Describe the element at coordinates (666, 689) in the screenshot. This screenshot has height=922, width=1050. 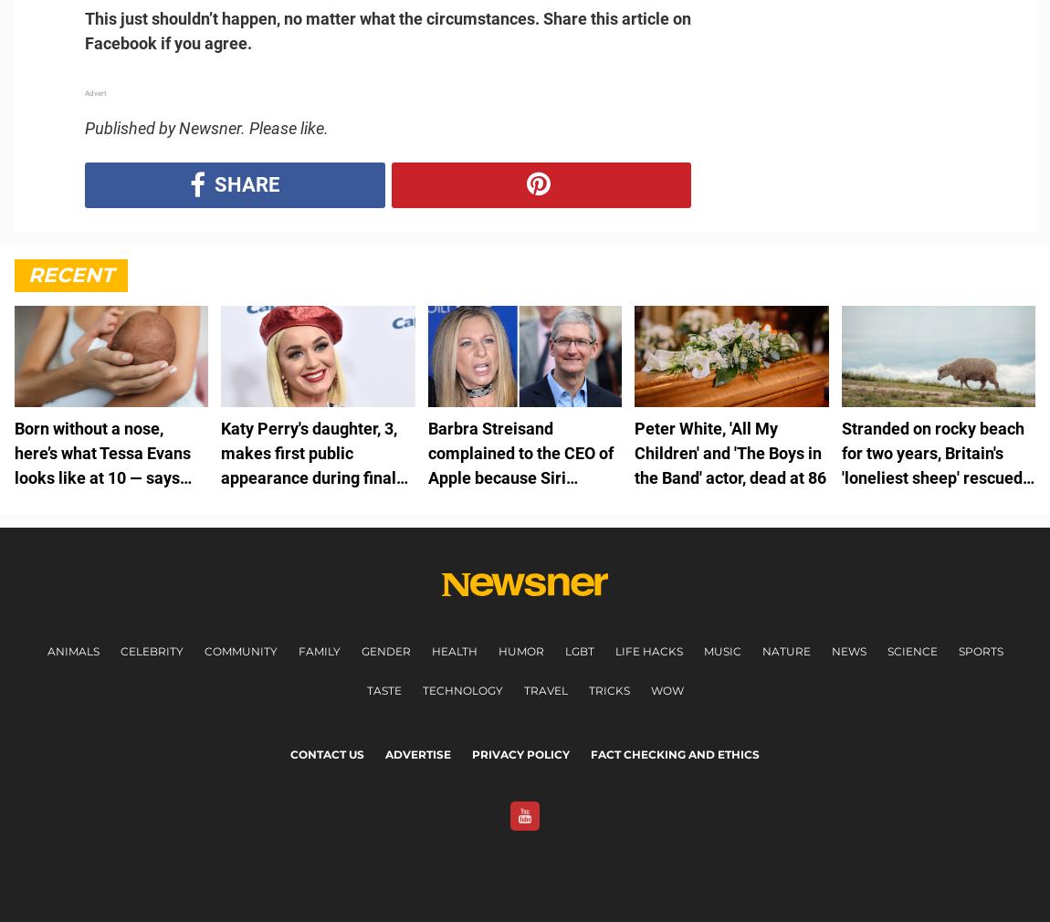
I see `'WOW'` at that location.